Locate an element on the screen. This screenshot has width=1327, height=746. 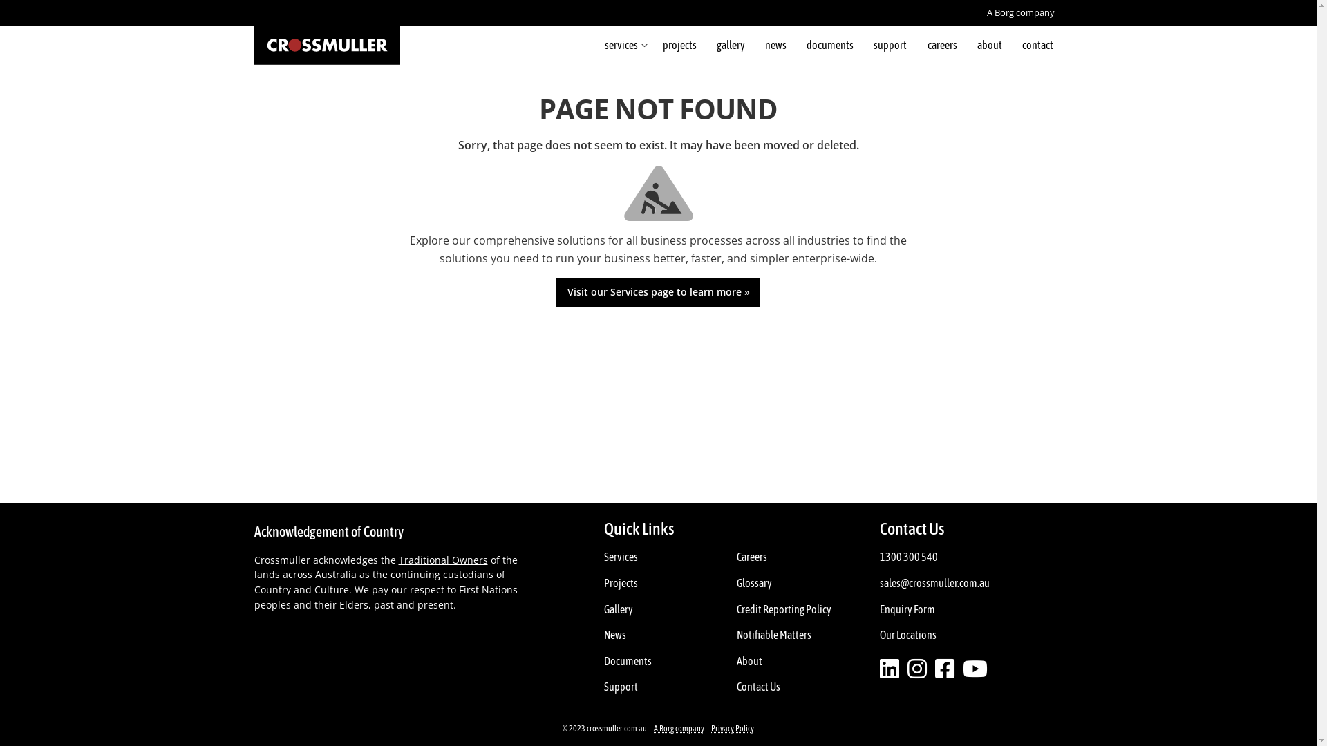
'support' is located at coordinates (890, 44).